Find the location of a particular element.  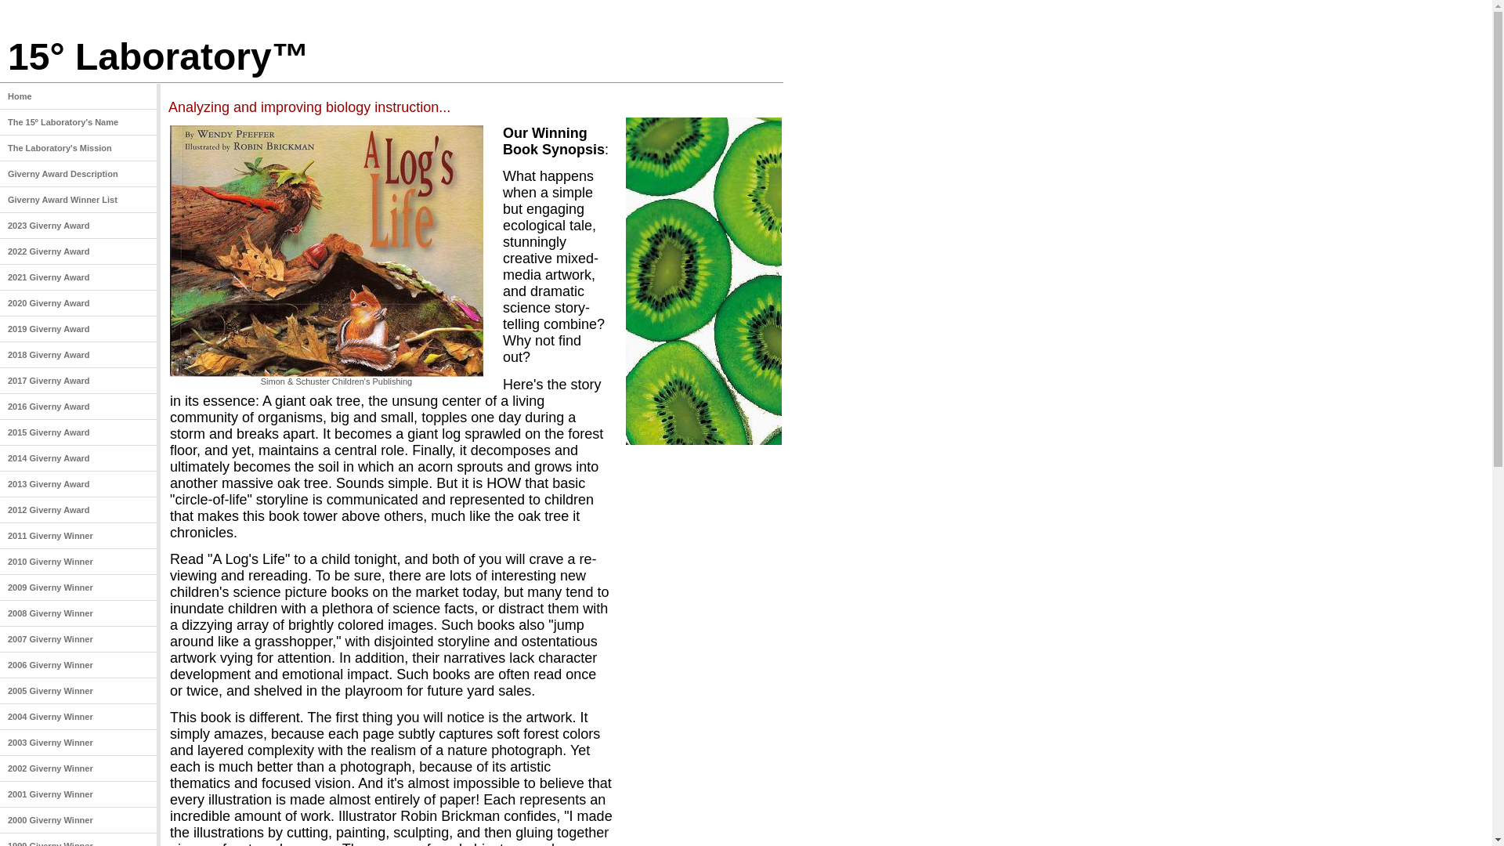

'2007 Giverny Winner' is located at coordinates (78, 639).